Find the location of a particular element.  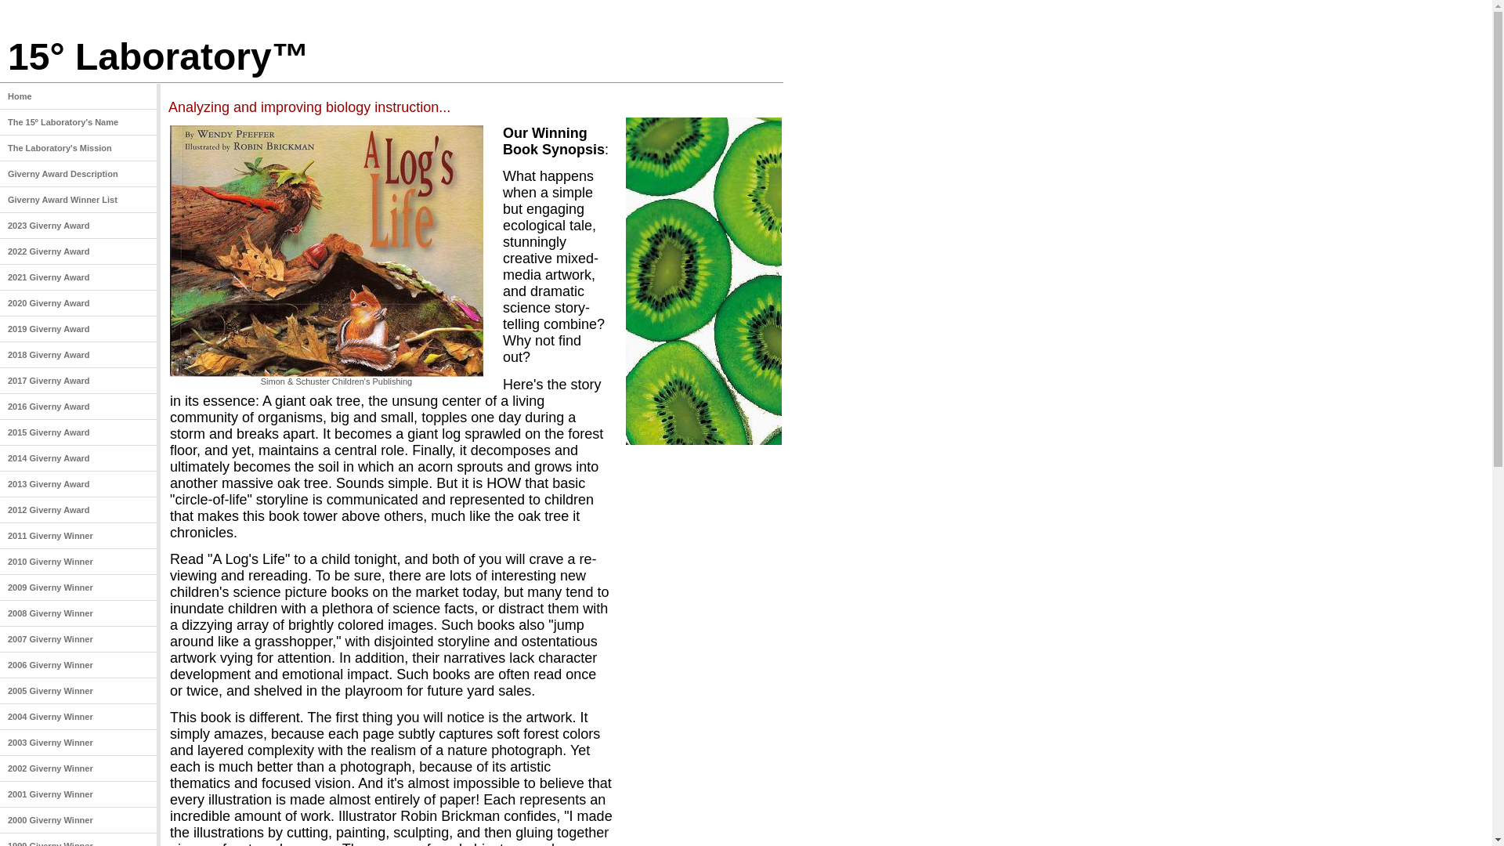

'2007 Giverny Winner' is located at coordinates (78, 639).